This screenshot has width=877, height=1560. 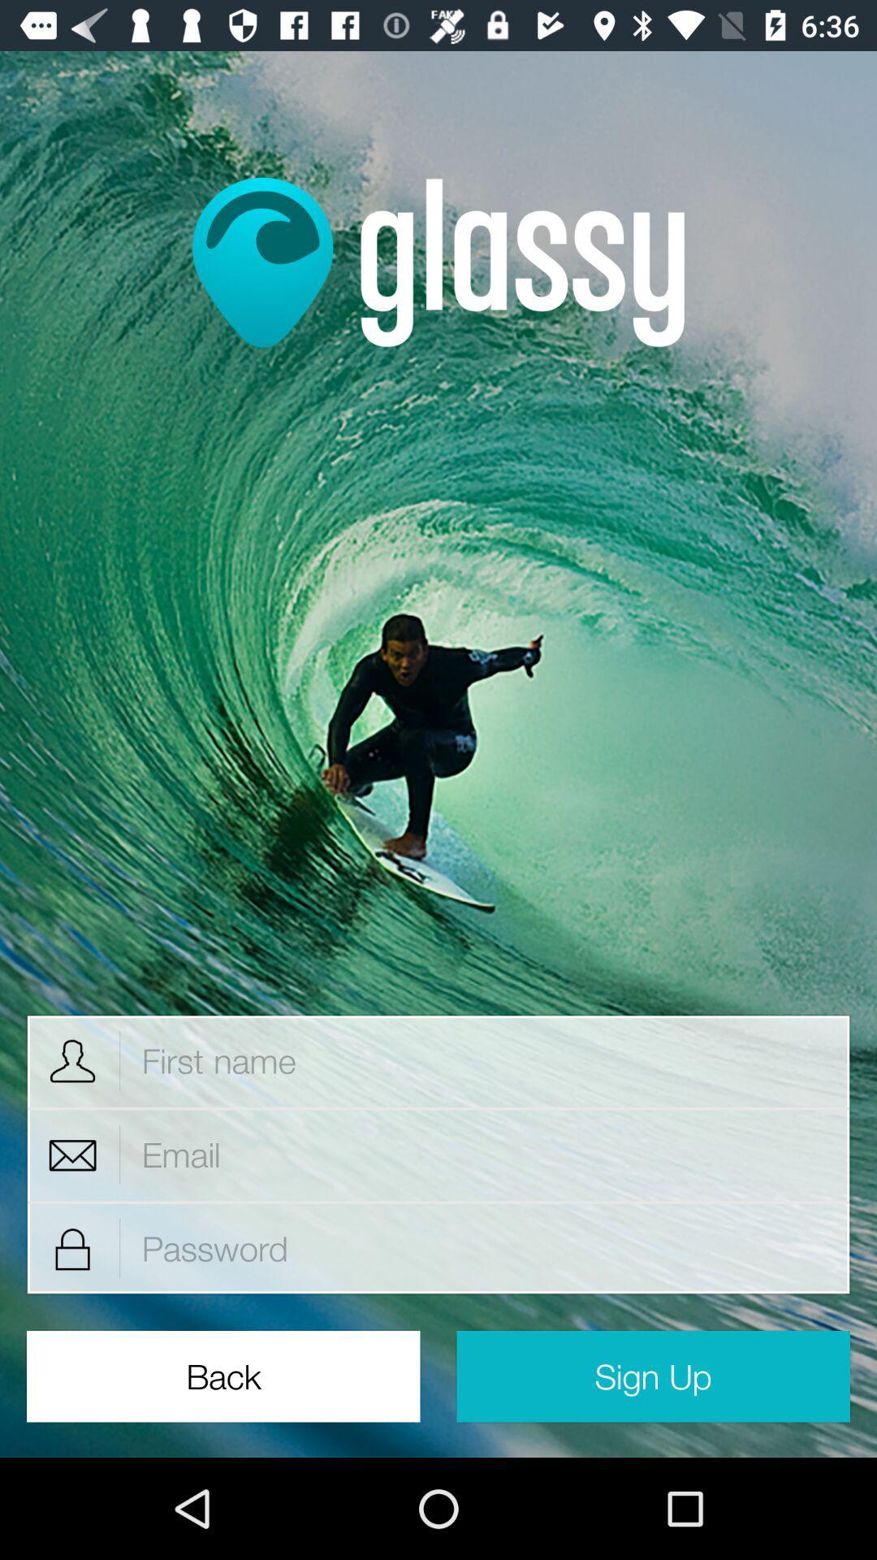 I want to click on password, so click(x=485, y=1247).